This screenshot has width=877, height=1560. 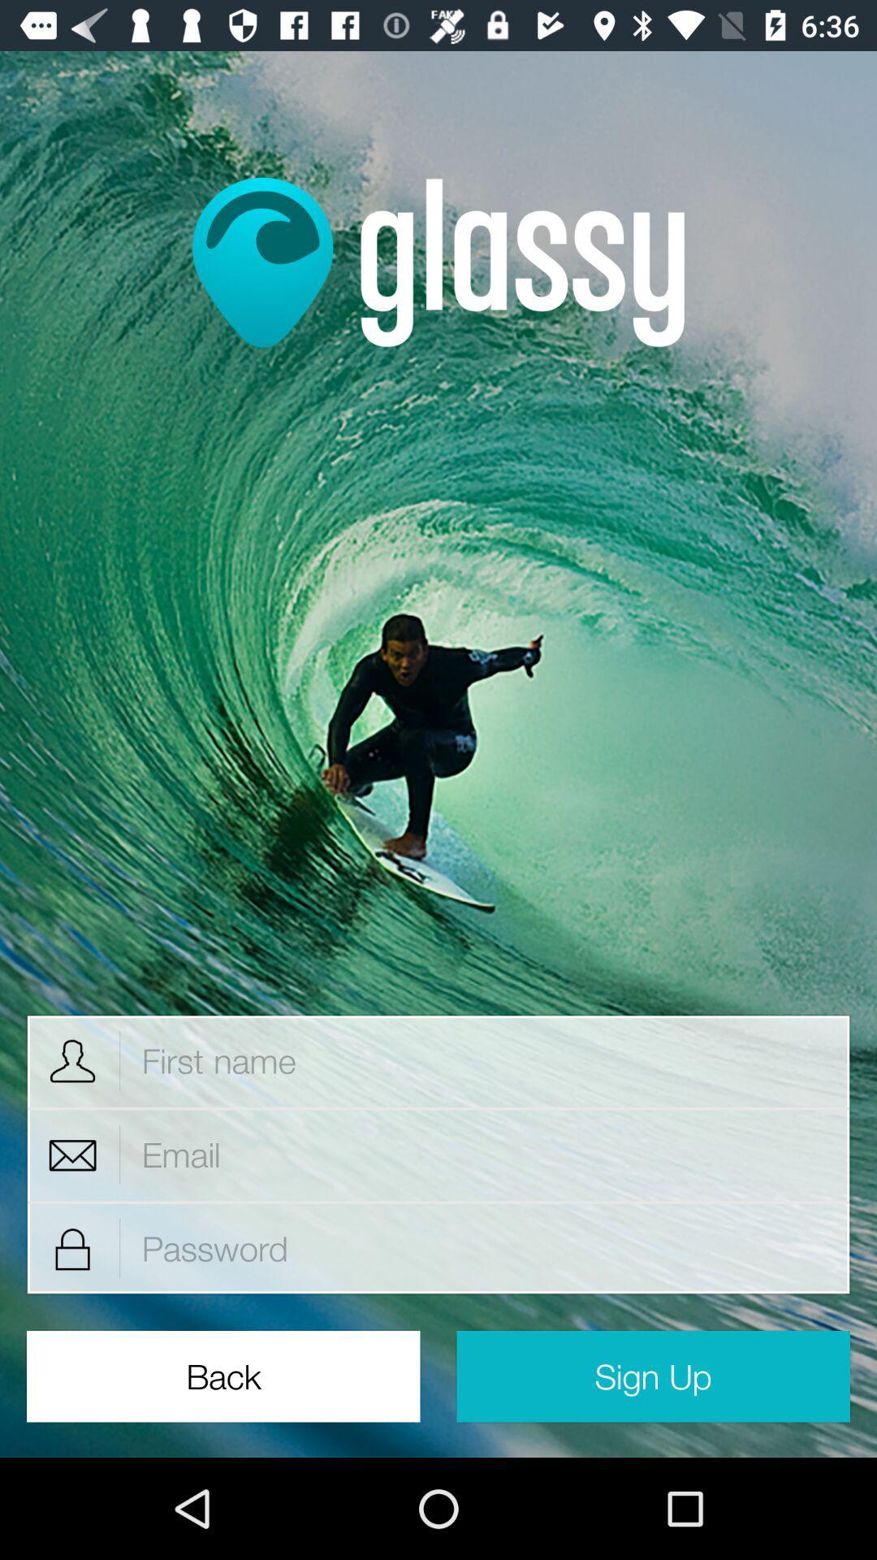 I want to click on password, so click(x=485, y=1247).